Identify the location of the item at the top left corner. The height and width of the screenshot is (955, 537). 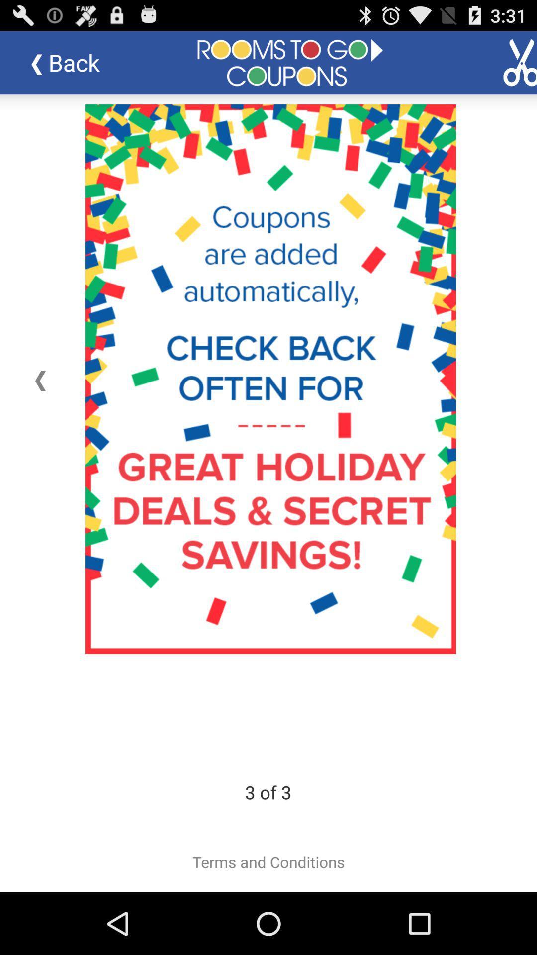
(72, 62).